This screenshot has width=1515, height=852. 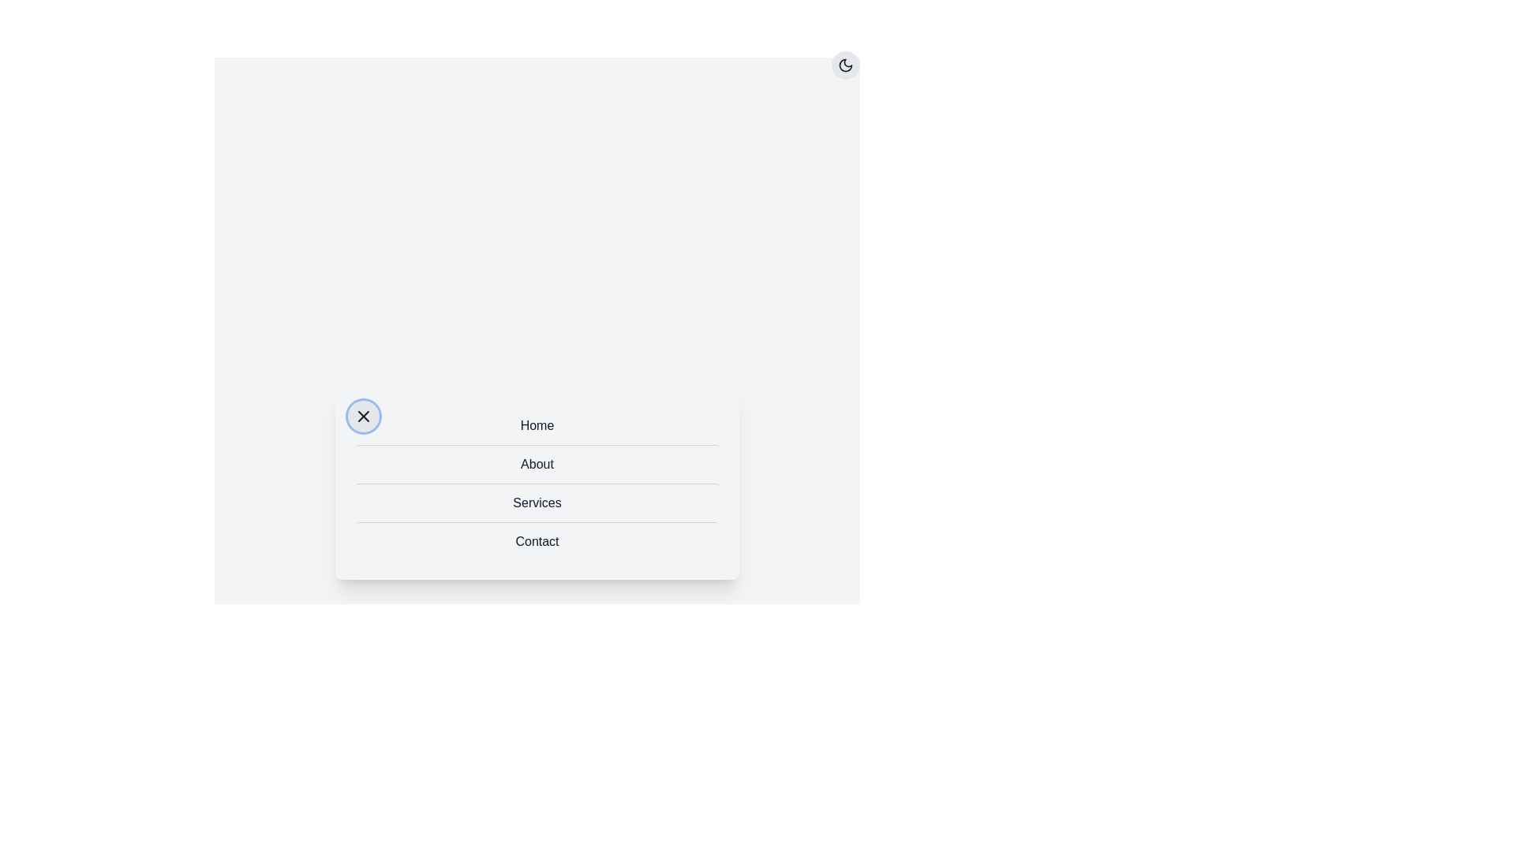 I want to click on the menu item Home, so click(x=537, y=424).